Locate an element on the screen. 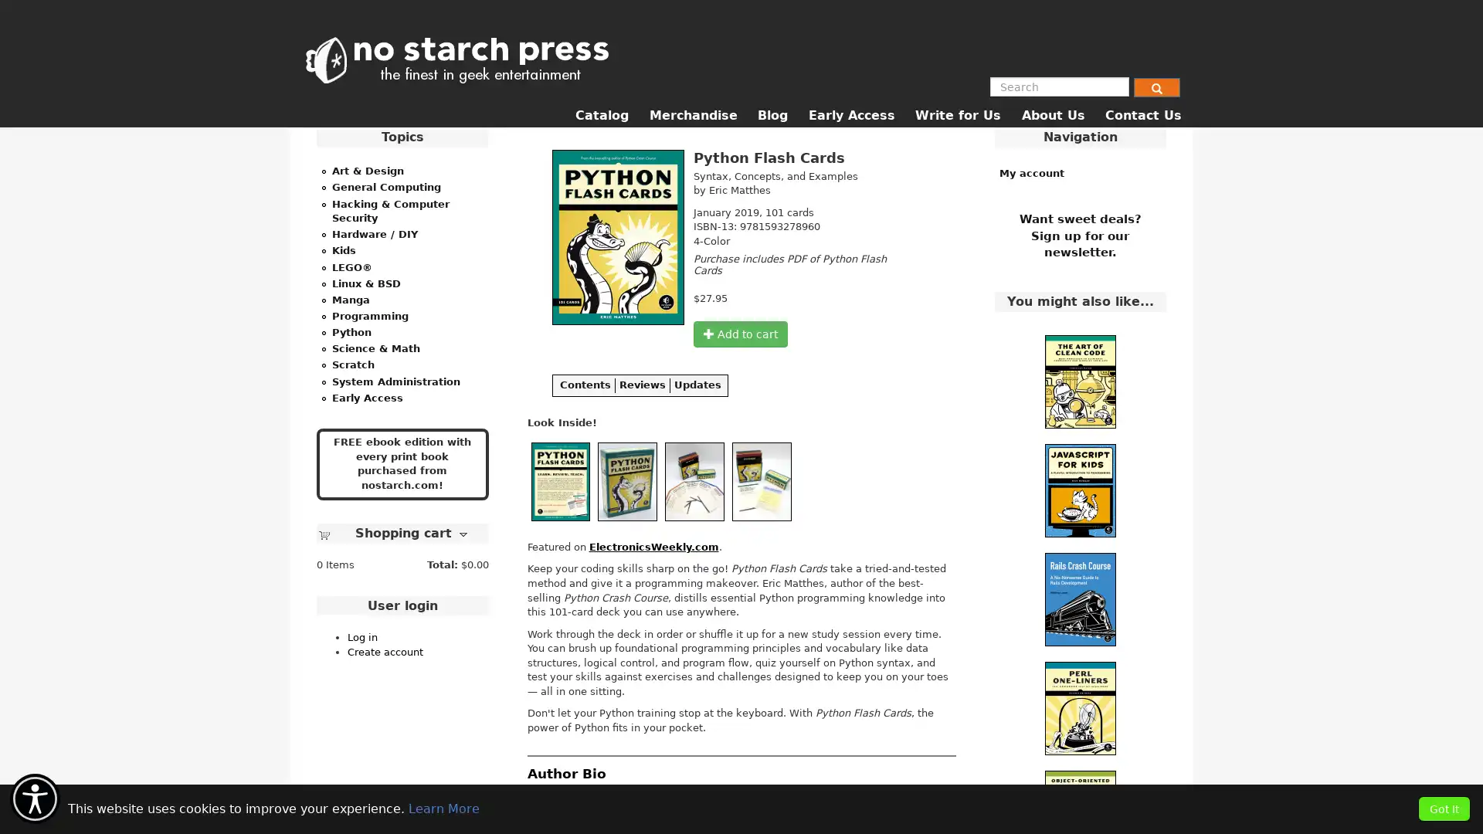 The height and width of the screenshot is (834, 1483). Got It is located at coordinates (1444, 808).